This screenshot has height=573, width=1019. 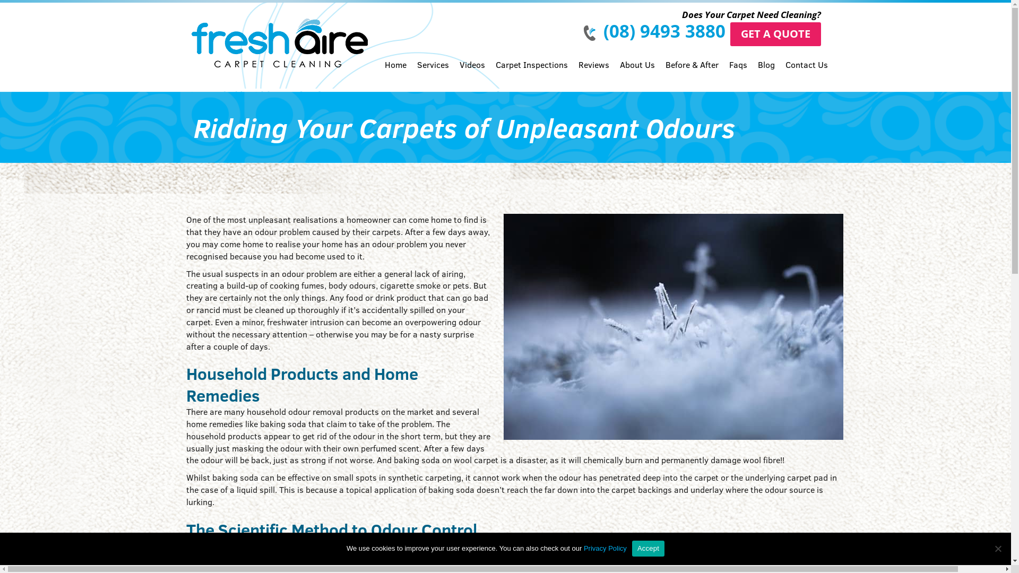 I want to click on 'Faqs', so click(x=738, y=73).